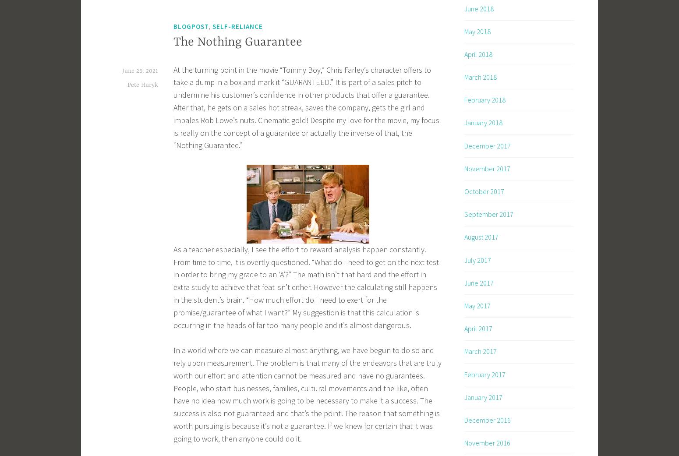  I want to click on 'June 26, 2021', so click(140, 71).